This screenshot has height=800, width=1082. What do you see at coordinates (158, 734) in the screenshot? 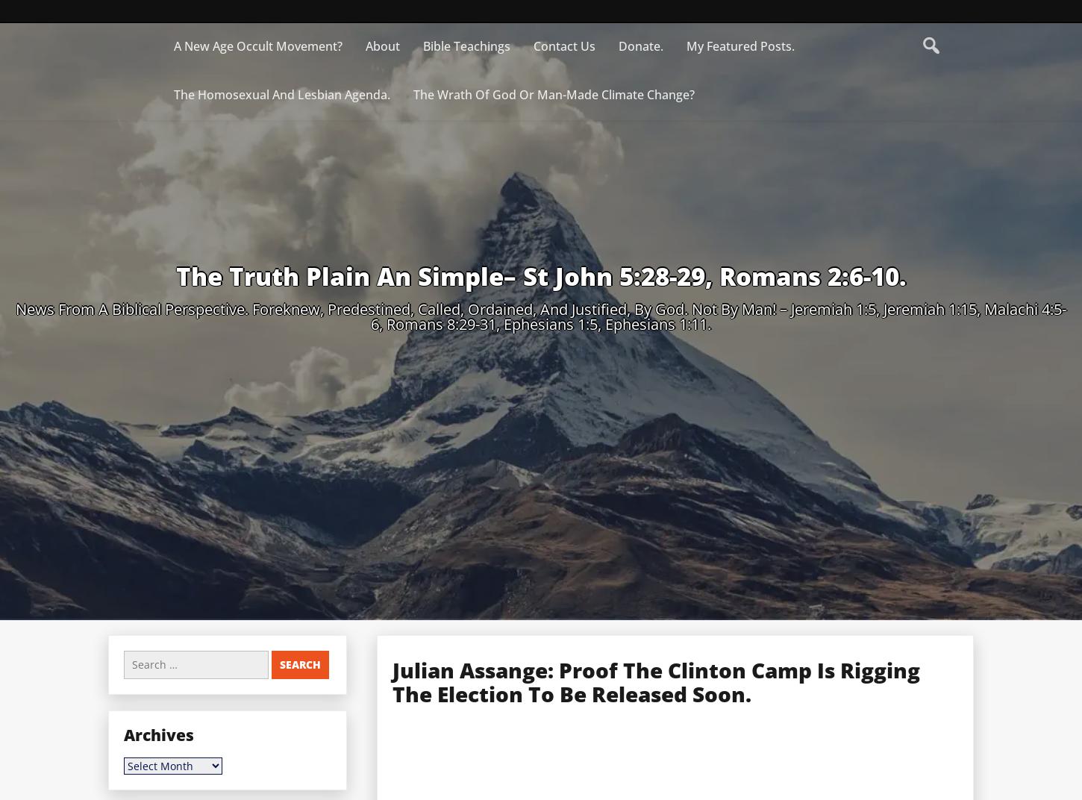
I see `'Archives'` at bounding box center [158, 734].